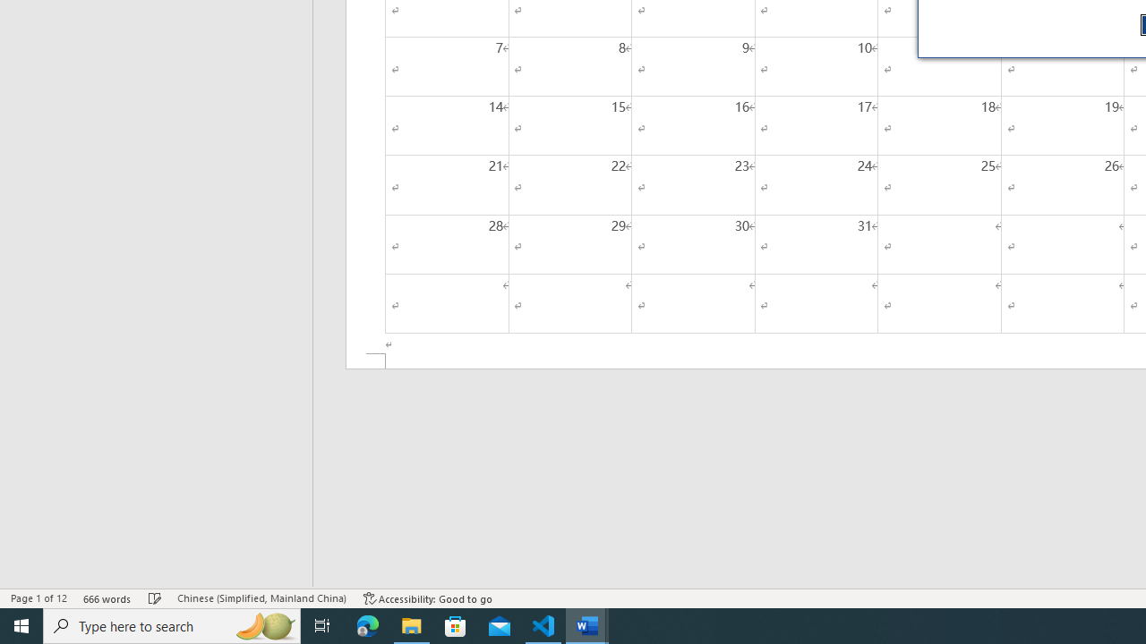  Describe the element at coordinates (543, 624) in the screenshot. I see `'Visual Studio Code - 1 running window'` at that location.